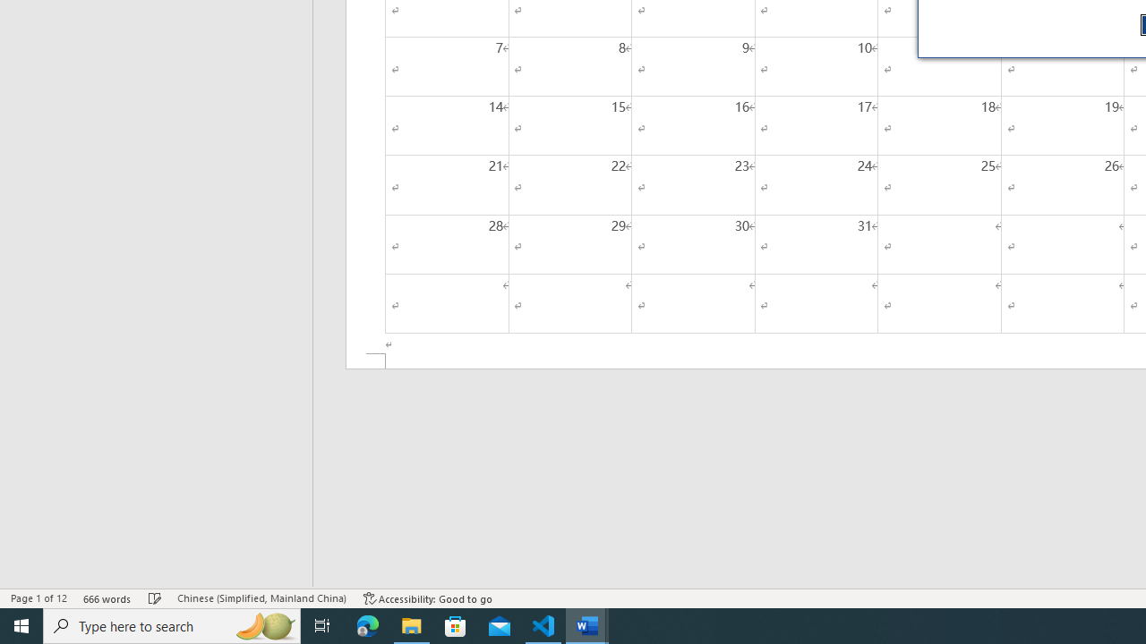  Describe the element at coordinates (543, 624) in the screenshot. I see `'Visual Studio Code - 1 running window'` at that location.